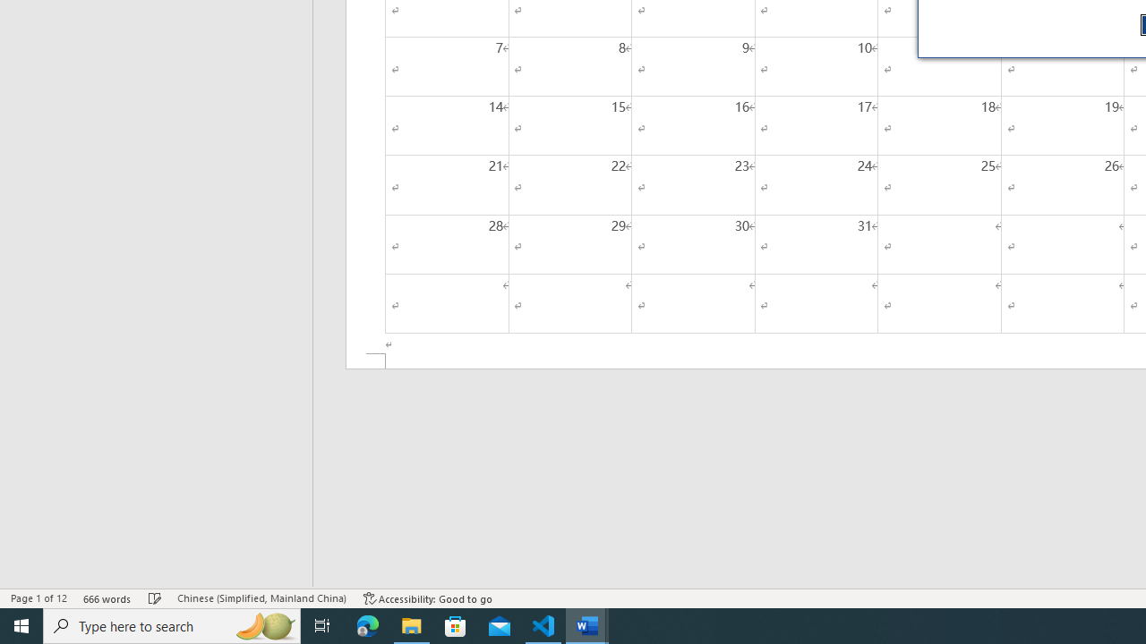  Describe the element at coordinates (543, 624) in the screenshot. I see `'Visual Studio Code - 1 running window'` at that location.